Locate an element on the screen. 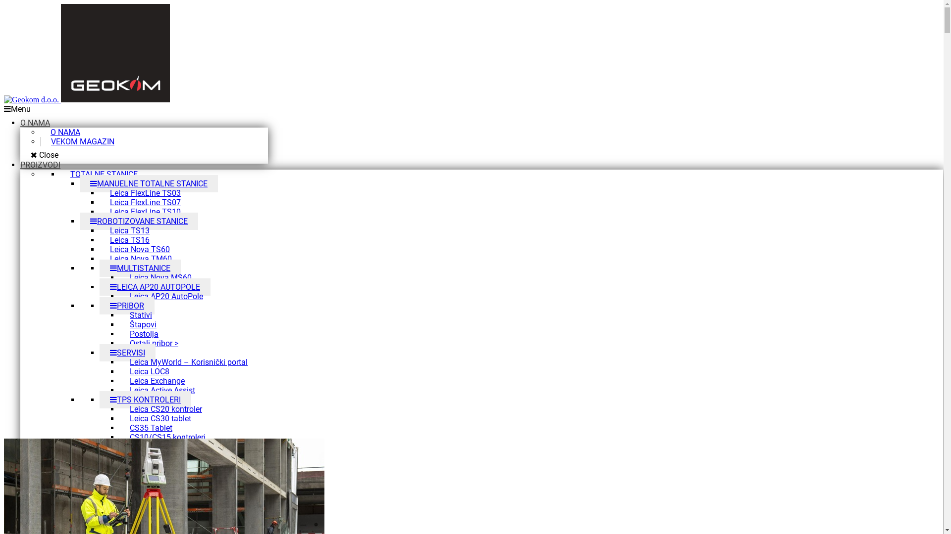  'Leica FlexLine TS07' is located at coordinates (145, 202).